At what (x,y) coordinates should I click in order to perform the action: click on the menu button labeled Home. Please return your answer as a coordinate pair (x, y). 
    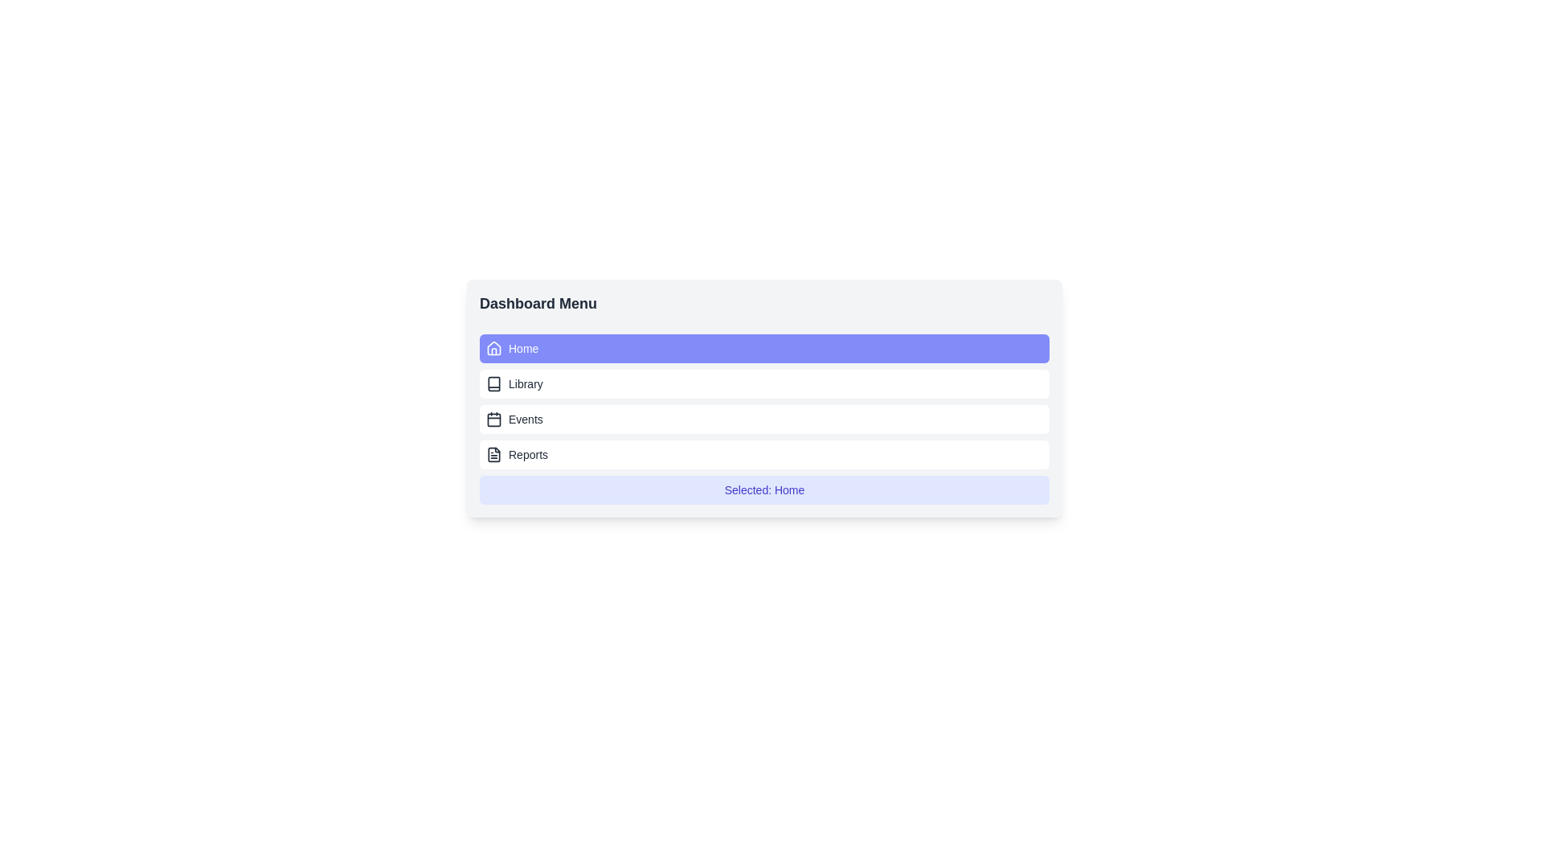
    Looking at the image, I should click on (763, 348).